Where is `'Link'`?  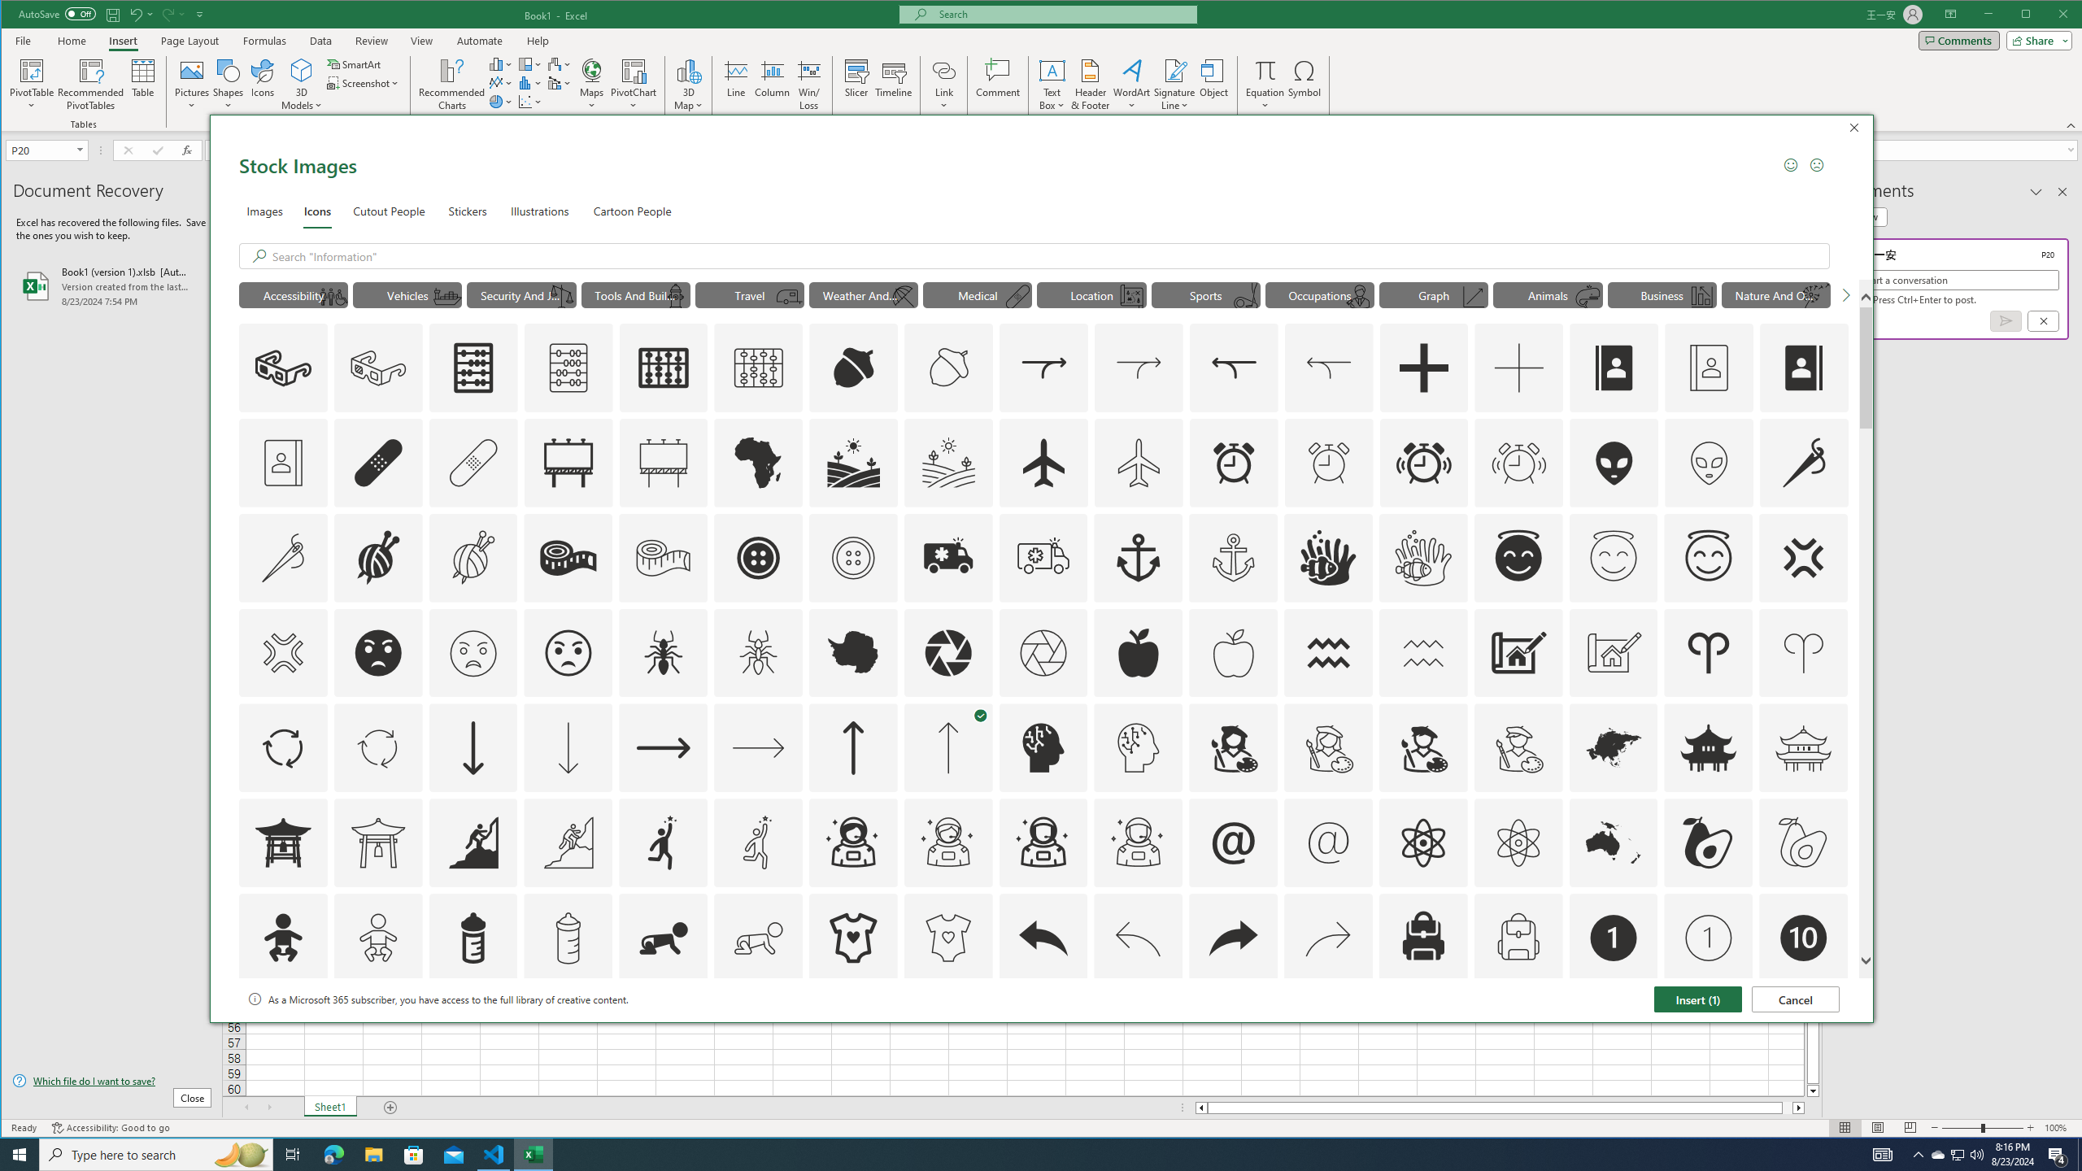 'Link' is located at coordinates (943, 69).